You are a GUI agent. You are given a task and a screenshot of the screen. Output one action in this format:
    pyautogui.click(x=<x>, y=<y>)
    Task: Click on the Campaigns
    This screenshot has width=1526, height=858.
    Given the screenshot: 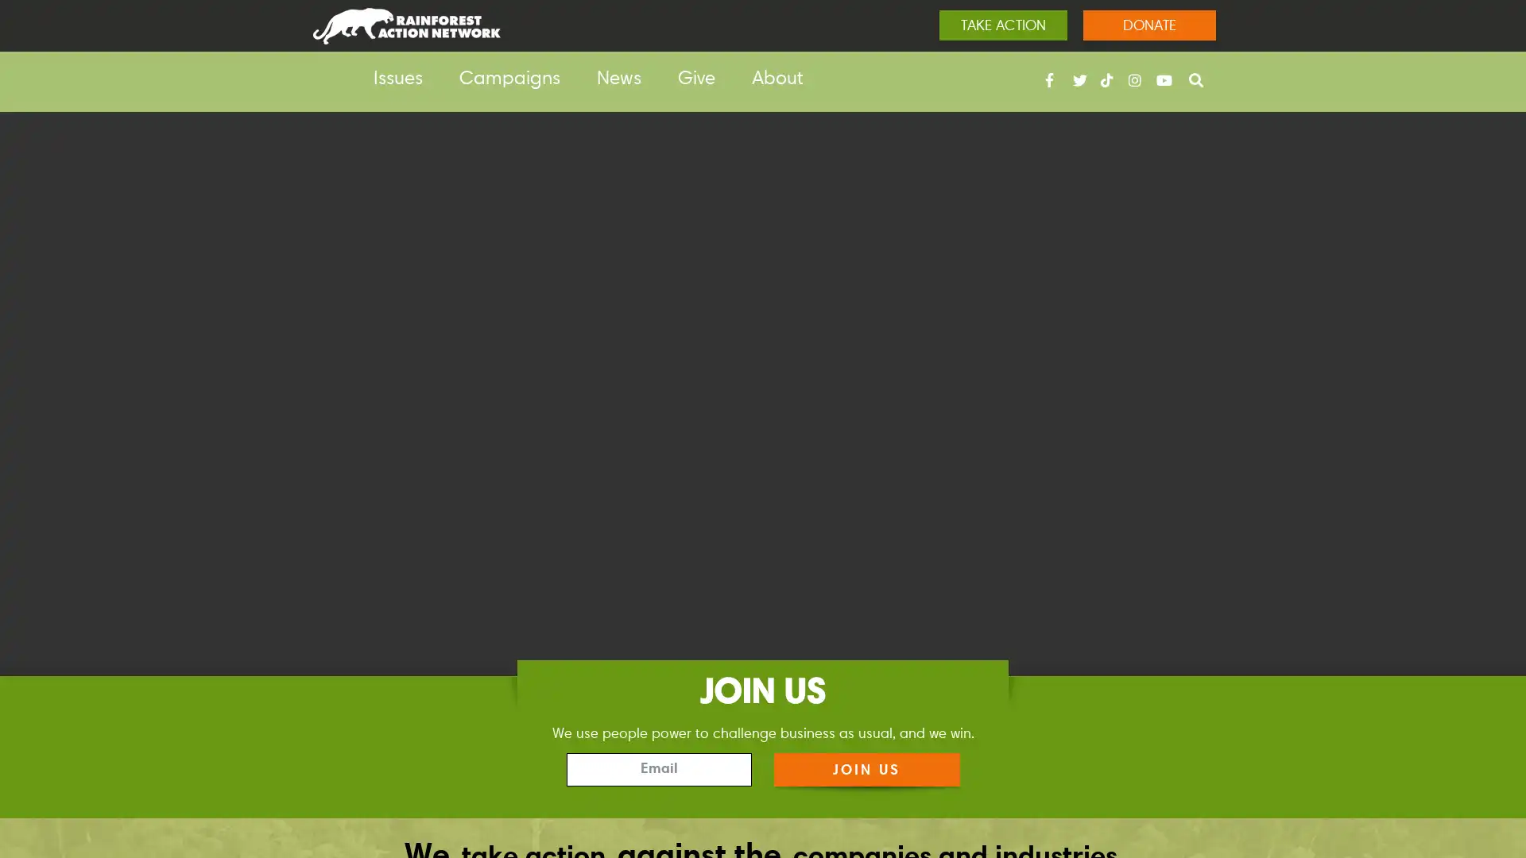 What is the action you would take?
    pyautogui.click(x=509, y=79)
    